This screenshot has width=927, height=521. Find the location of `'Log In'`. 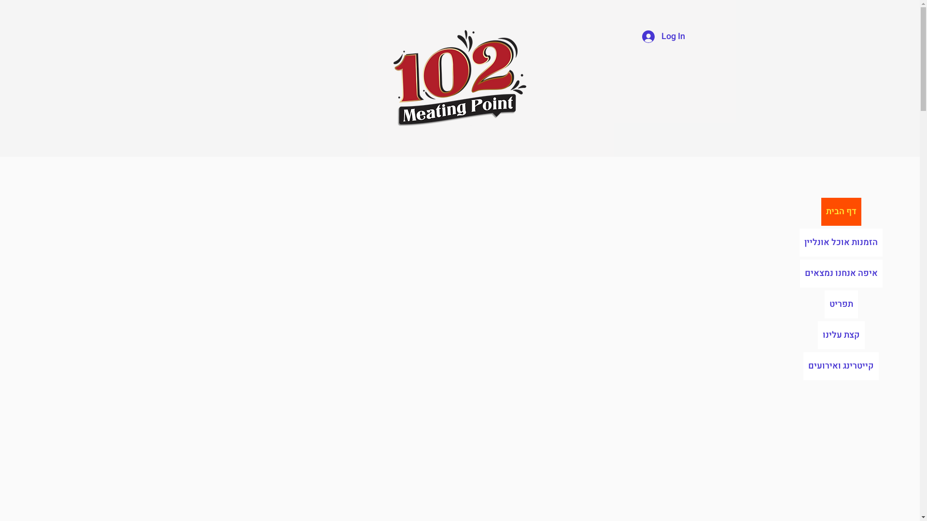

'Log In' is located at coordinates (663, 36).